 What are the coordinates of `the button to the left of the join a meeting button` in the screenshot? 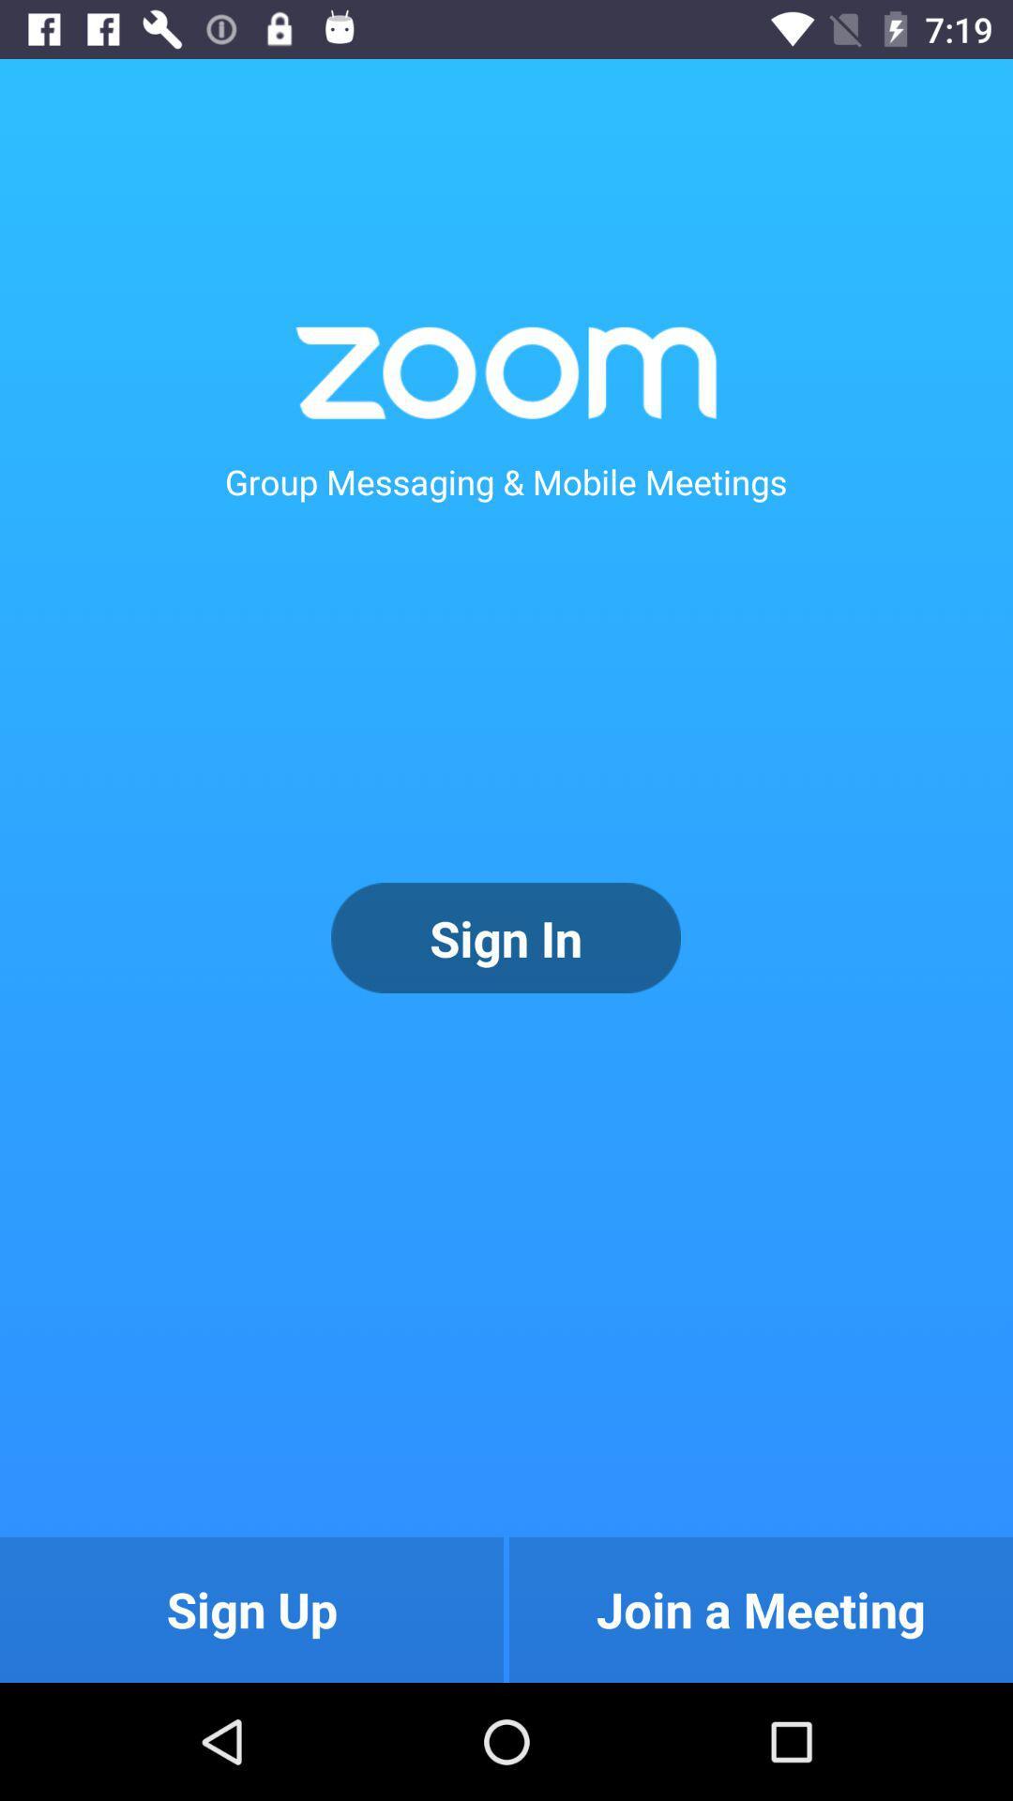 It's located at (250, 1609).